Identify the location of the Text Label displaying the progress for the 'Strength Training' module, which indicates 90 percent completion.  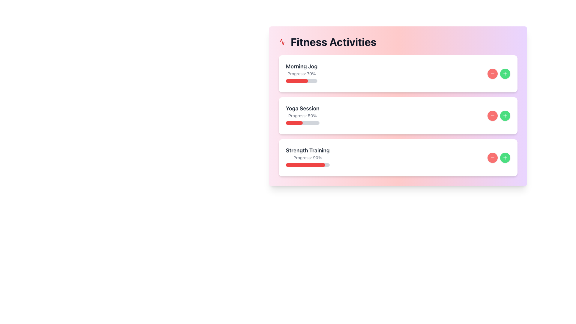
(307, 157).